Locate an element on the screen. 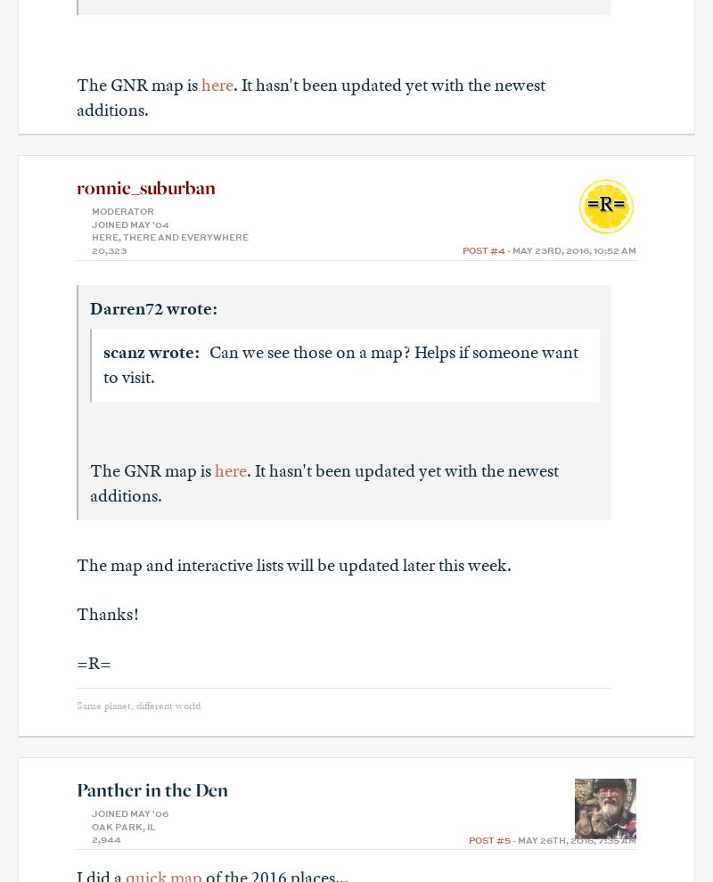 This screenshot has width=713, height=882. 'Can we see those on a map? Helps if someone want to visit.' is located at coordinates (340, 363).